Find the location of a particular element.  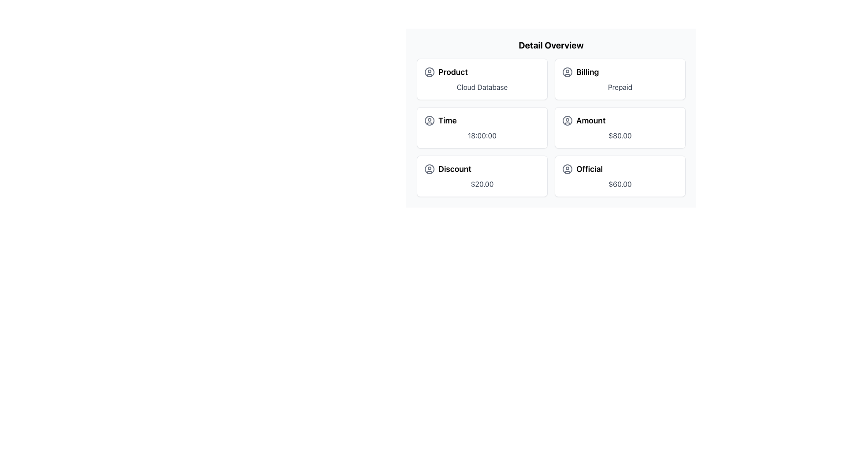

the bold text title labeled 'Detail Overview', which is positioned at the top of the content section above a grid of detailed items is located at coordinates (551, 45).